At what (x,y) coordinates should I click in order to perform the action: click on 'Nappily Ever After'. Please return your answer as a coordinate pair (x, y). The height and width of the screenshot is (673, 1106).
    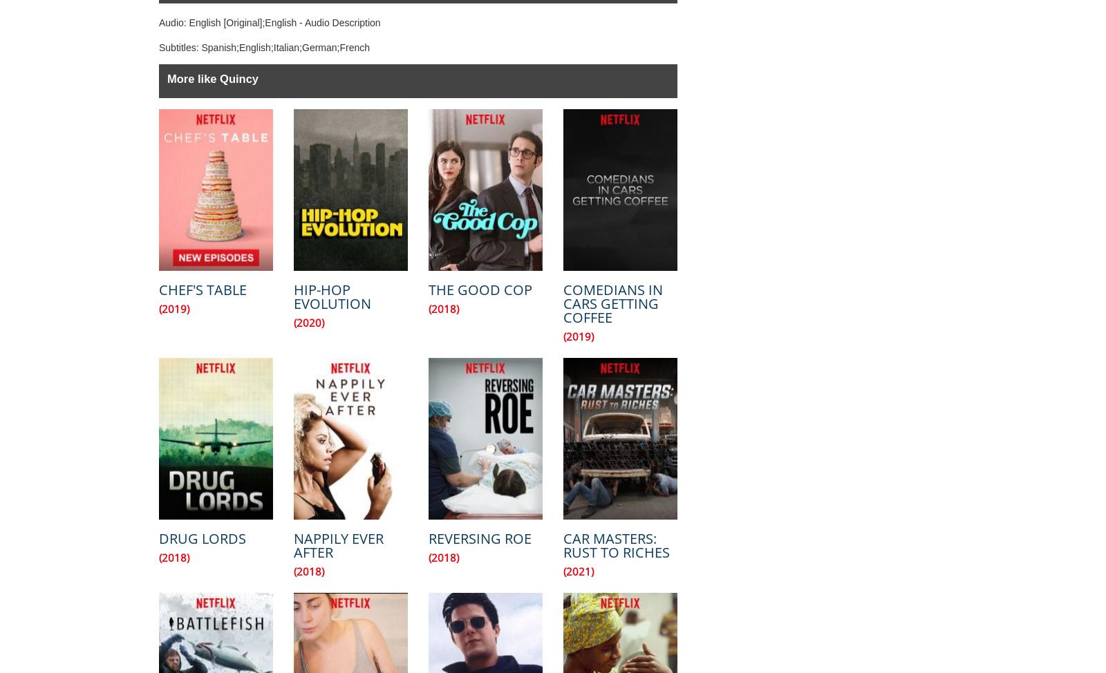
    Looking at the image, I should click on (338, 544).